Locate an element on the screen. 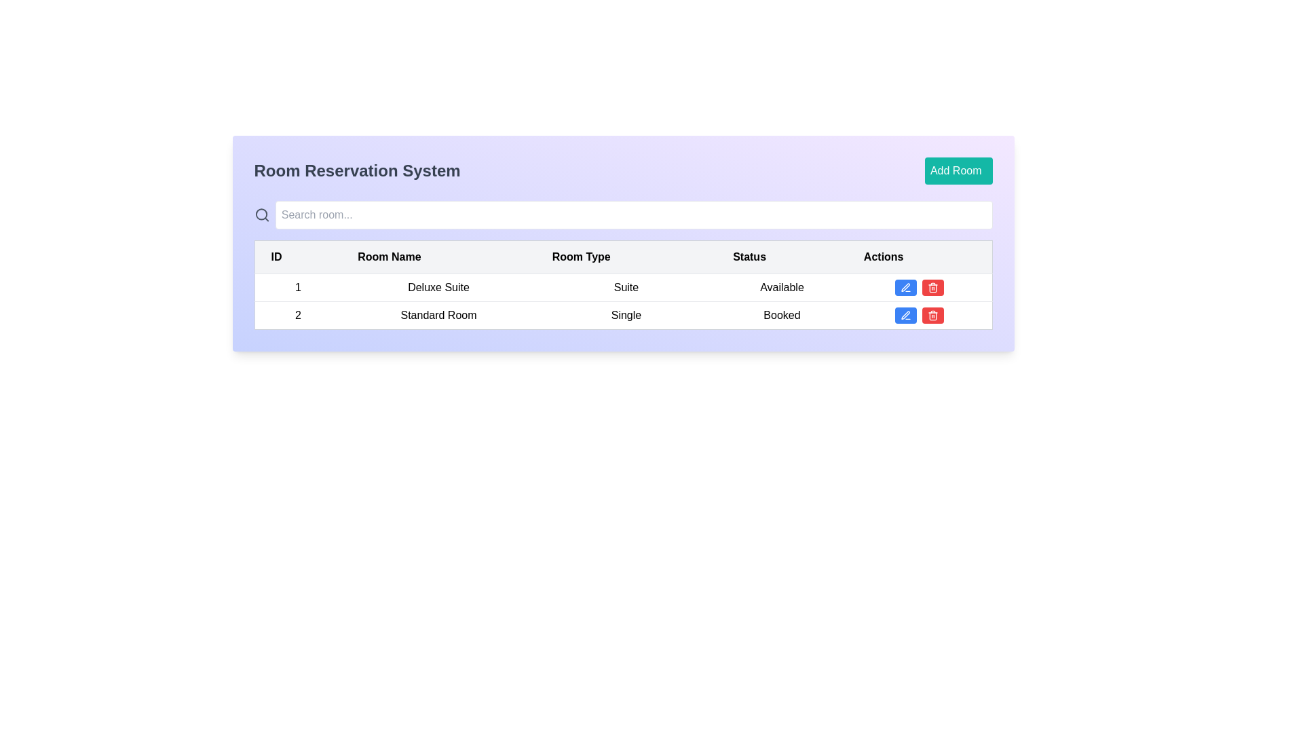 The height and width of the screenshot is (733, 1303). the 'Edit' icon button located in the 'Actions' column of the second row of the room list table is located at coordinates (906, 287).